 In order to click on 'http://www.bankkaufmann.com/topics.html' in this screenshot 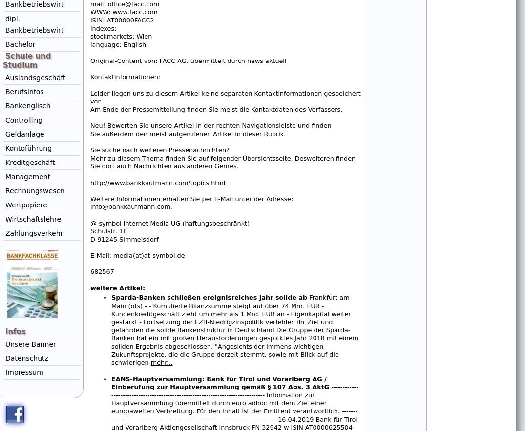, I will do `click(157, 182)`.